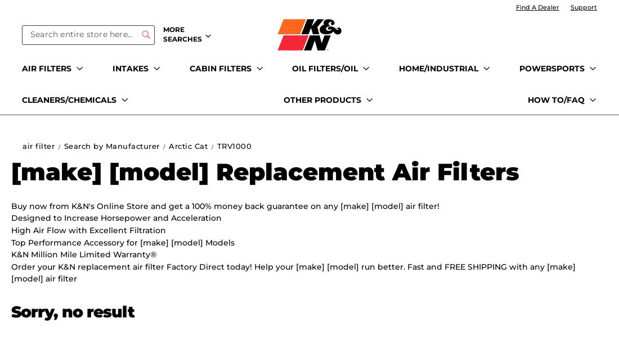 The height and width of the screenshot is (350, 619). What do you see at coordinates (21, 99) in the screenshot?
I see `'CLEANERS/CHEMICALS'` at bounding box center [21, 99].